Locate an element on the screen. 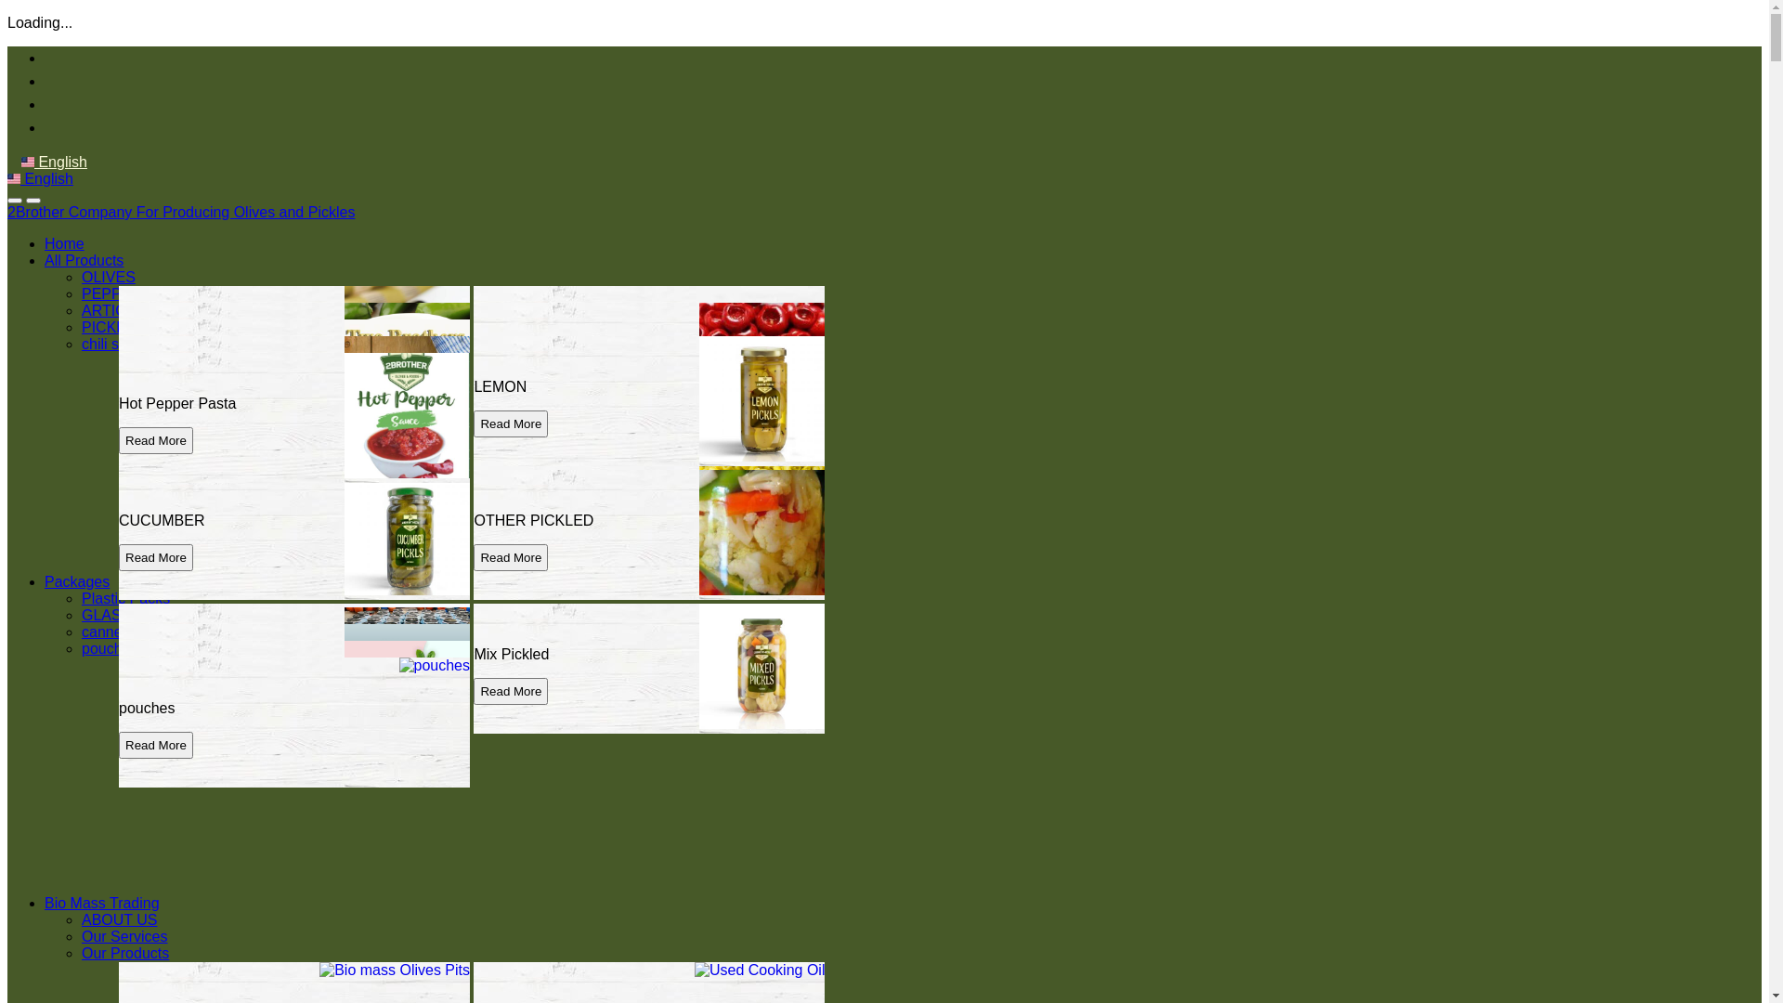 The height and width of the screenshot is (1003, 1783). 'Hot Pepper Pasta is located at coordinates (293, 418).